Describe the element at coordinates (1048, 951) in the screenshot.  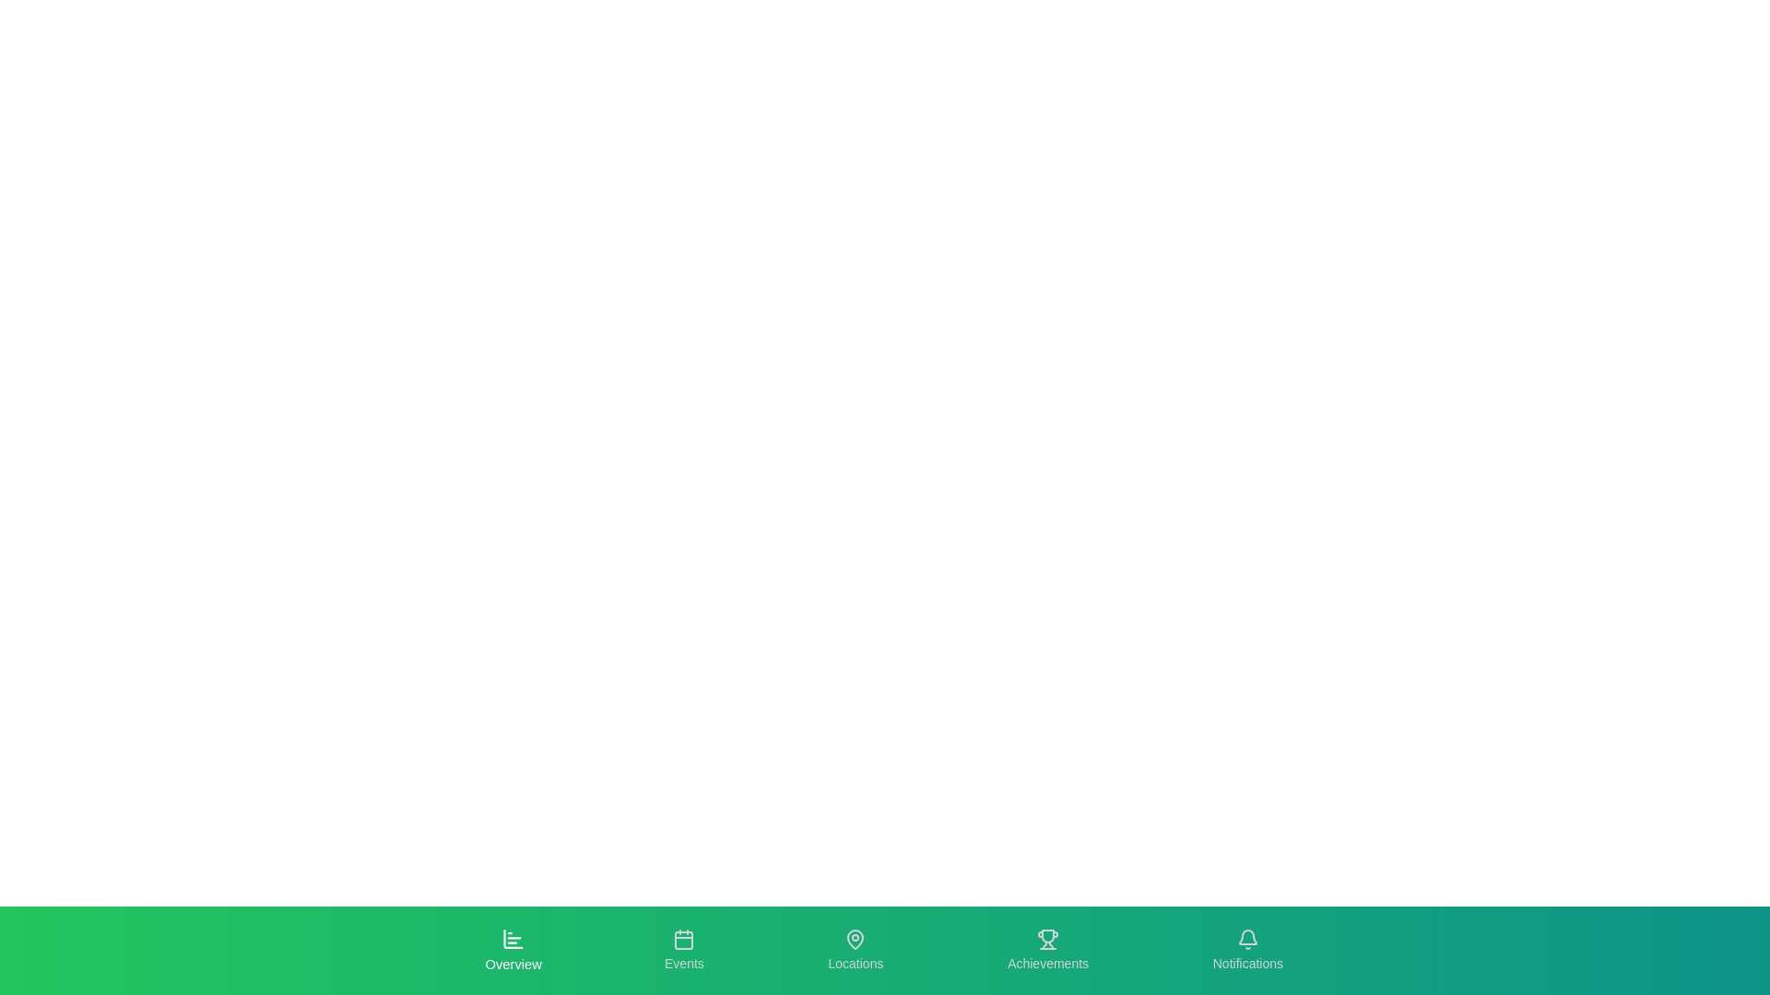
I see `the tab labeled Achievements to see its hover effect` at that location.